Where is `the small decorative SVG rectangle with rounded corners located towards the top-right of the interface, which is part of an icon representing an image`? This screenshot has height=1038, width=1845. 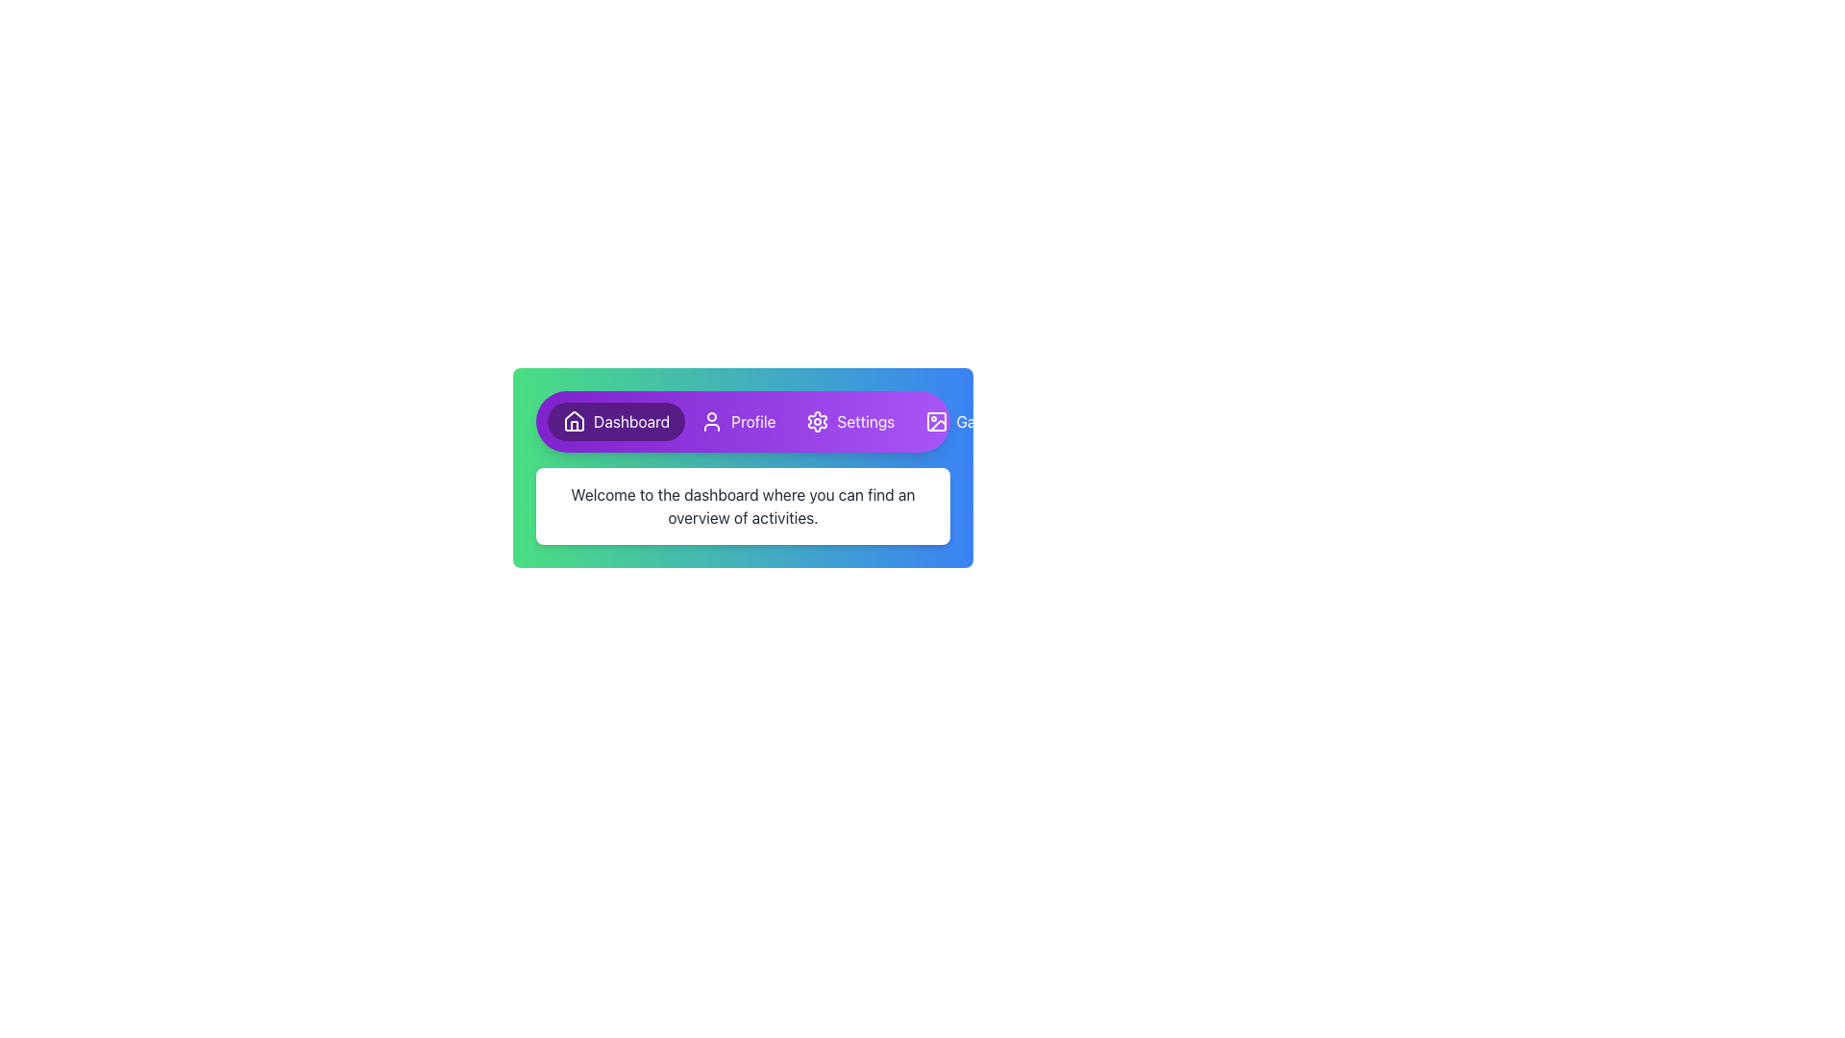 the small decorative SVG rectangle with rounded corners located towards the top-right of the interface, which is part of an icon representing an image is located at coordinates (937, 421).